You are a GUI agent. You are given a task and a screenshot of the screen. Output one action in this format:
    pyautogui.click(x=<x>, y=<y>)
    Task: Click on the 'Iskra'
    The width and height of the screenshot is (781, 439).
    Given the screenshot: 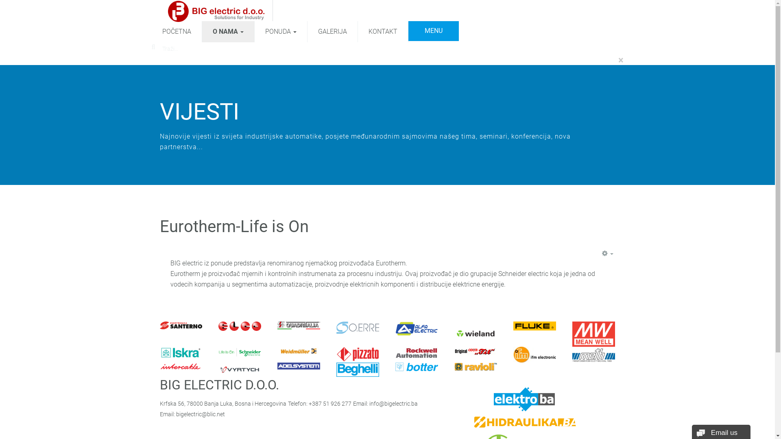 What is the action you would take?
    pyautogui.click(x=180, y=352)
    